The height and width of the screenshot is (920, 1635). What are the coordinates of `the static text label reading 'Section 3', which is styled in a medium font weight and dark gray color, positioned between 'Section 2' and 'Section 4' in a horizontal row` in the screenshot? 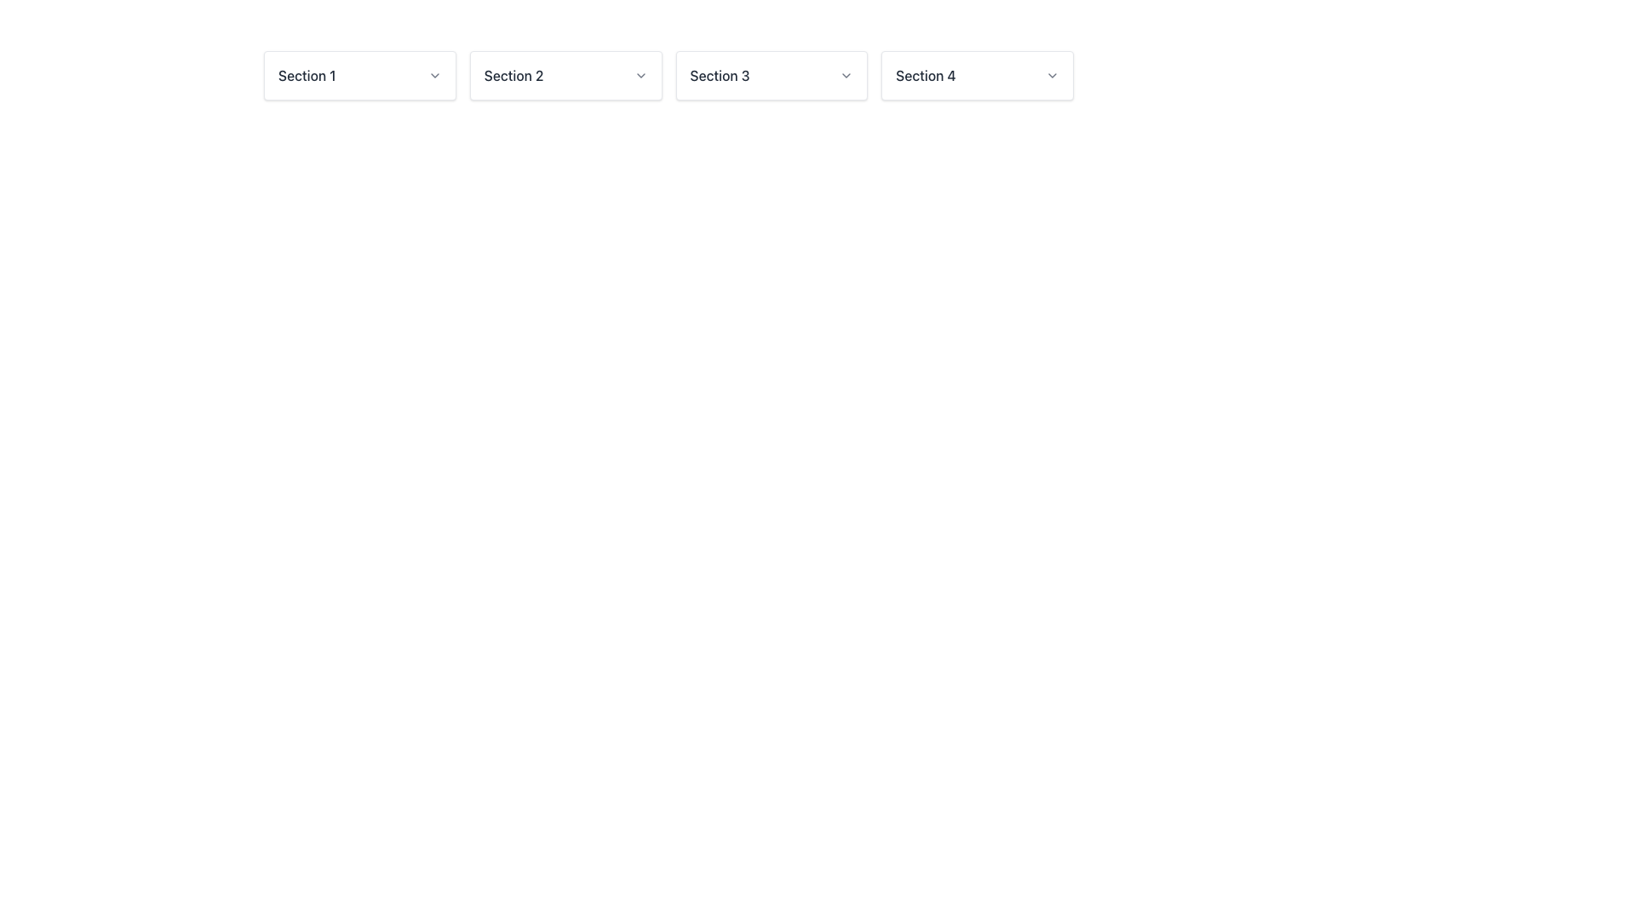 It's located at (720, 74).